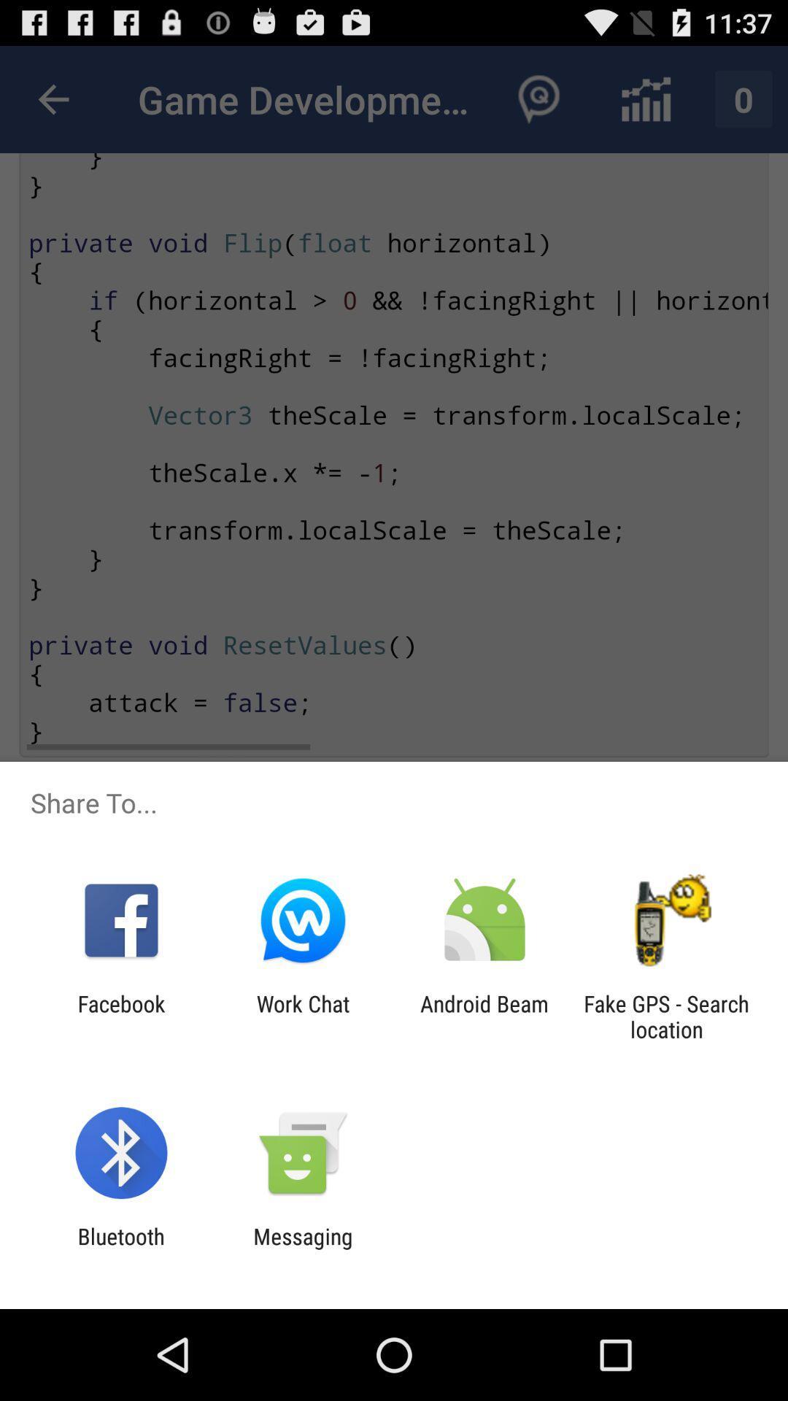  I want to click on the icon to the right of work chat item, so click(484, 1016).